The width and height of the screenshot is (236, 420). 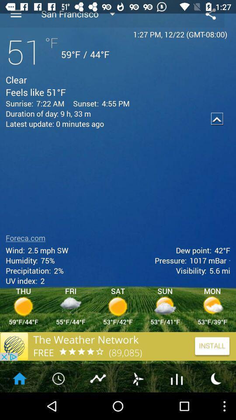 I want to click on the second option at the bottom left of the page, so click(x=59, y=378).